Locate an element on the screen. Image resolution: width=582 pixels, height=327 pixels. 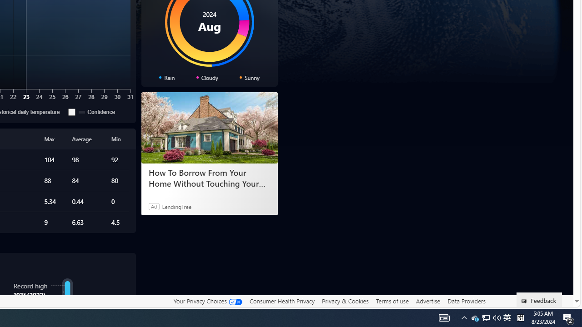
'Privacy & Cookies' is located at coordinates (345, 301).